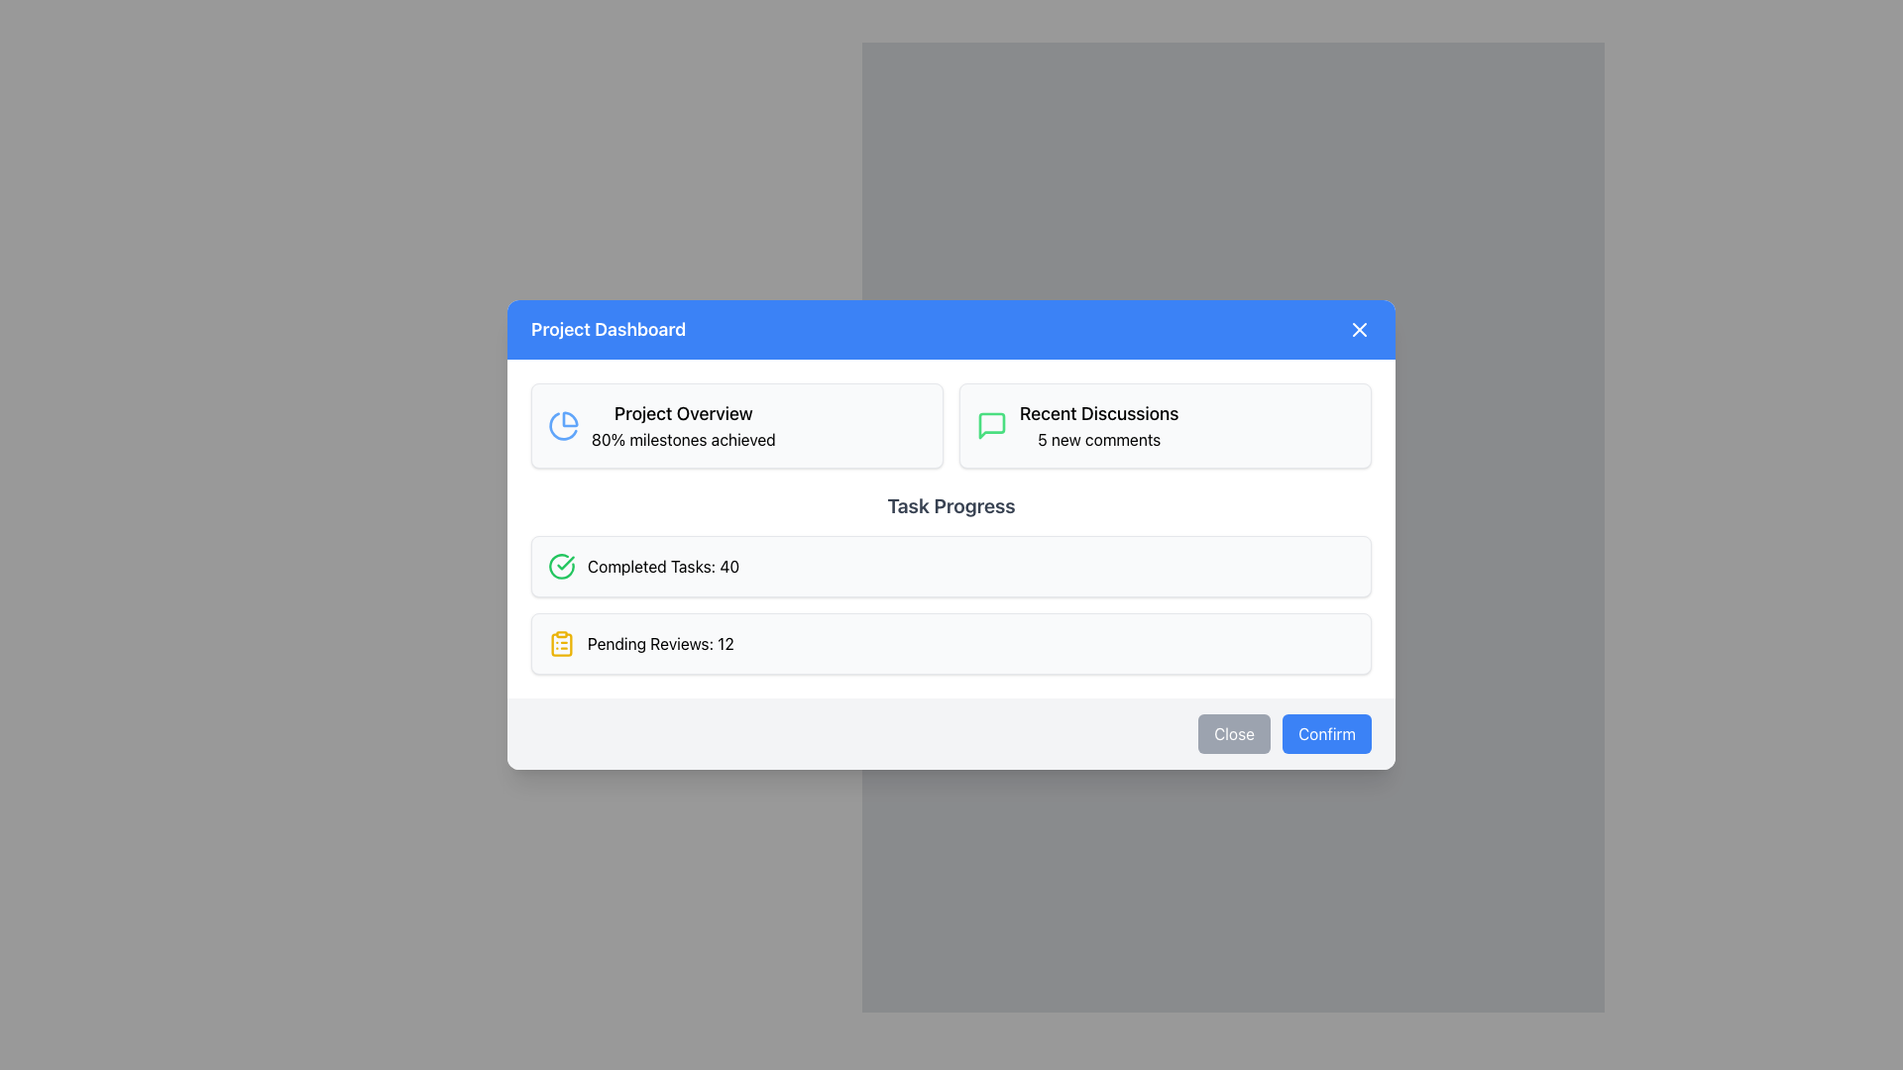  Describe the element at coordinates (683, 412) in the screenshot. I see `text label summarizing the project overview located in the upper left section of the central panel, above the text '80% milestones achieved'` at that location.